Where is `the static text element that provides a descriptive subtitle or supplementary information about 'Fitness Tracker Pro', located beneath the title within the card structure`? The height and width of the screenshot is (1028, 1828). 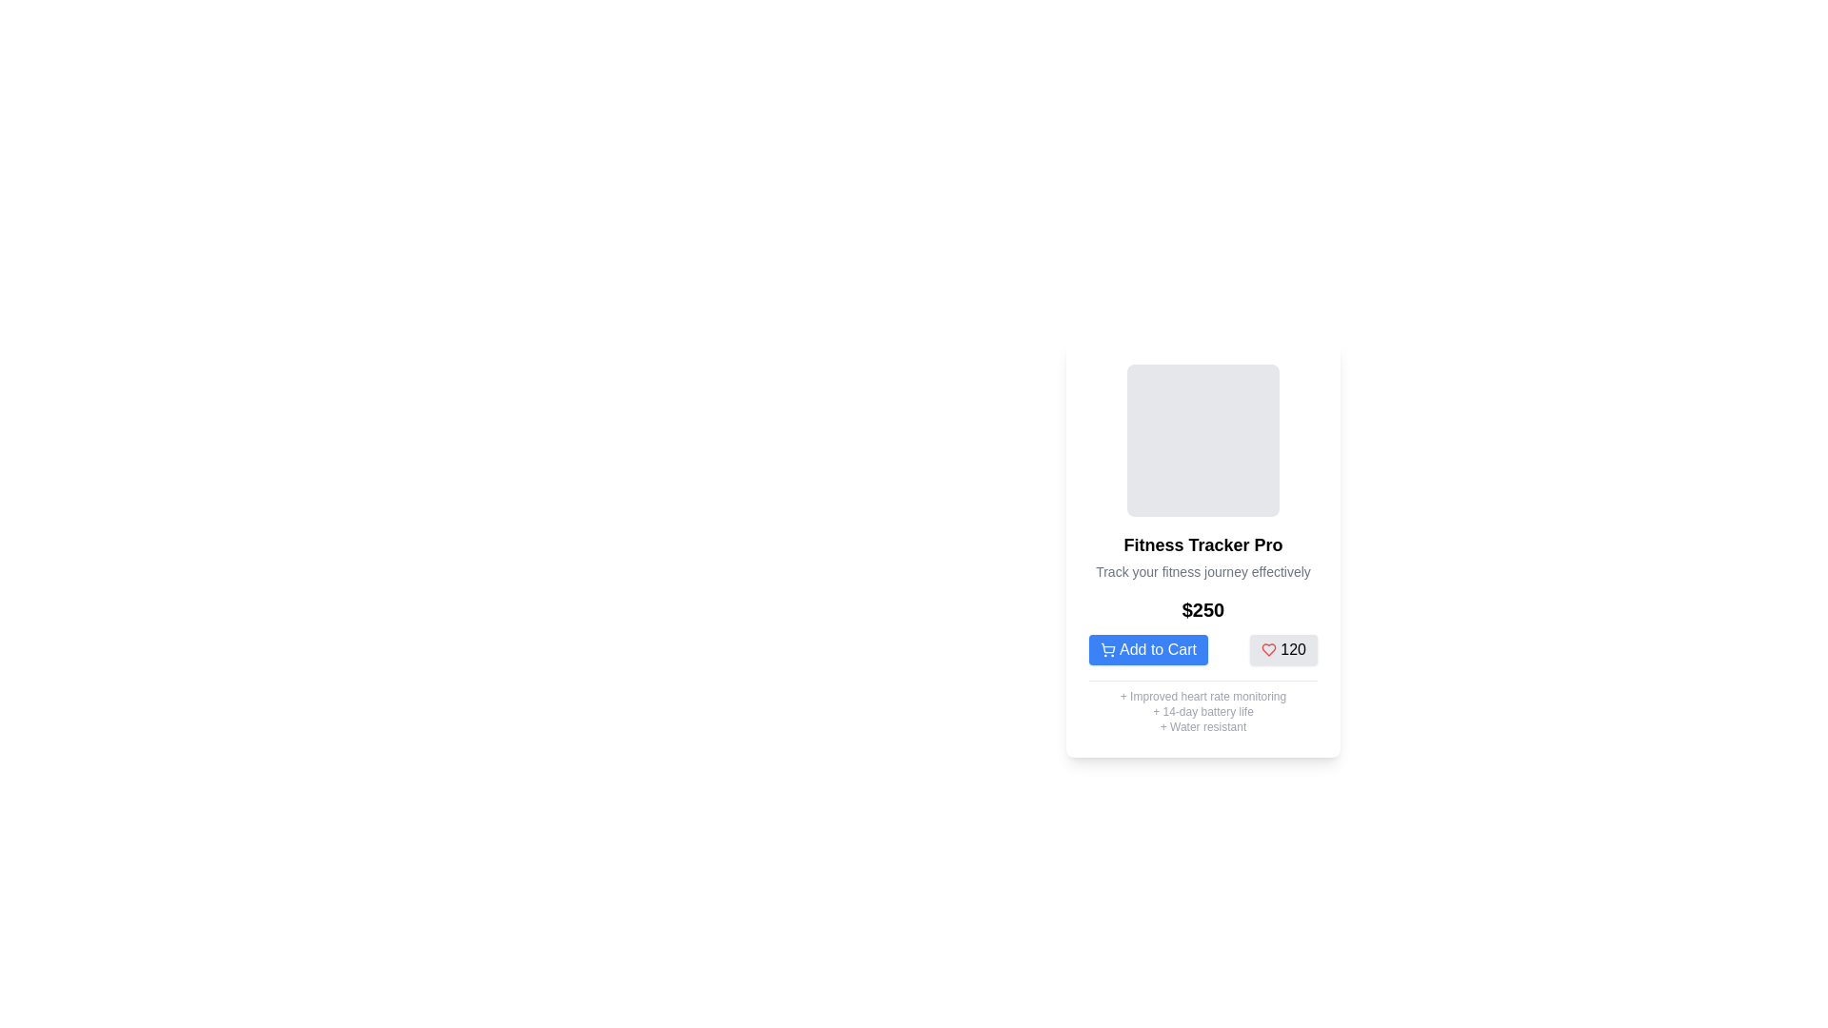 the static text element that provides a descriptive subtitle or supplementary information about 'Fitness Tracker Pro', located beneath the title within the card structure is located at coordinates (1202, 571).